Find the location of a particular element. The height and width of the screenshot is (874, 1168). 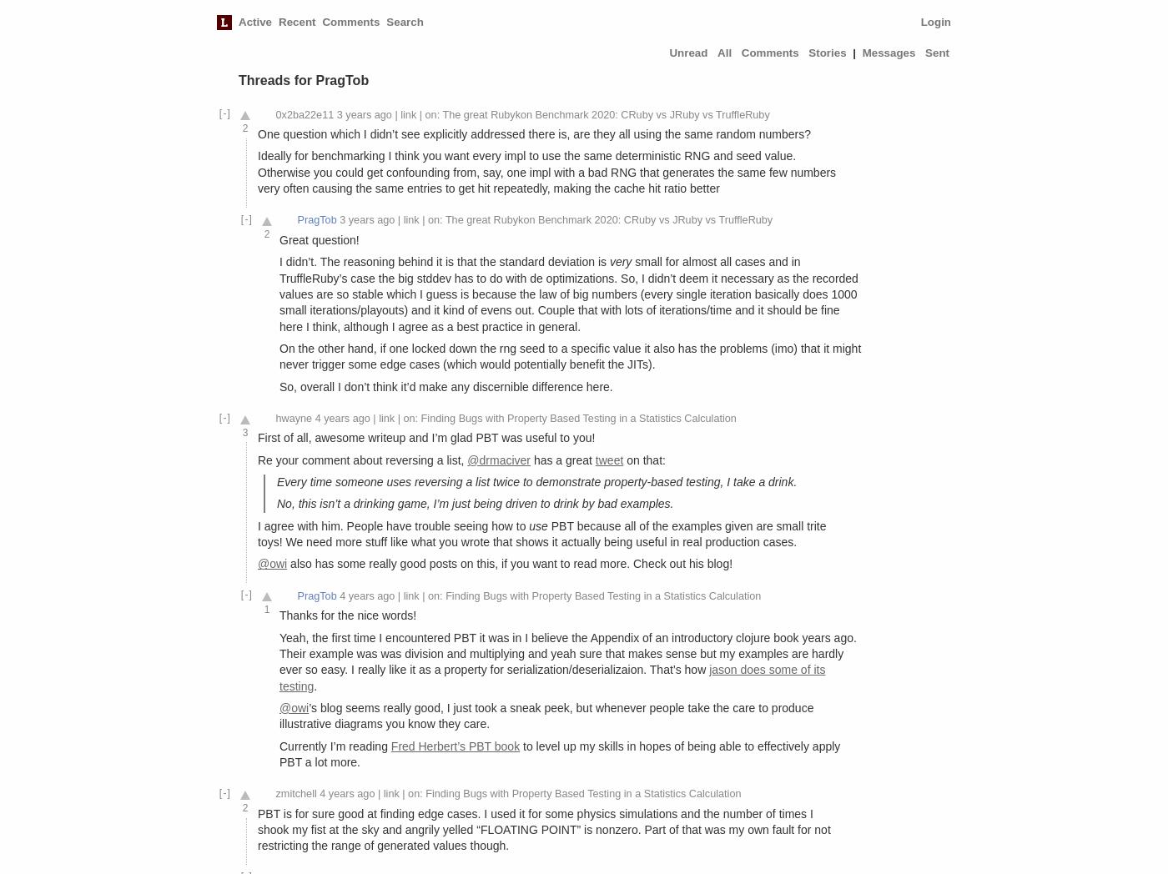

'I agree with him. People have trouble seeing how to' is located at coordinates (393, 524).